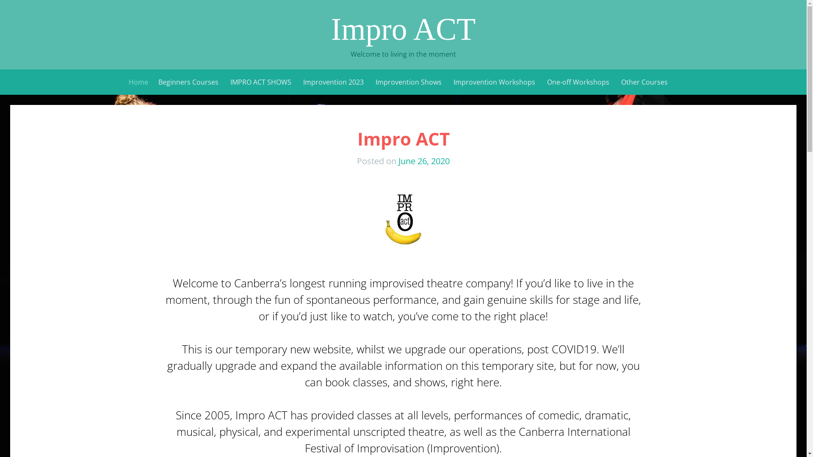 This screenshot has width=813, height=457. What do you see at coordinates (494, 82) in the screenshot?
I see `'Improvention Workshops'` at bounding box center [494, 82].